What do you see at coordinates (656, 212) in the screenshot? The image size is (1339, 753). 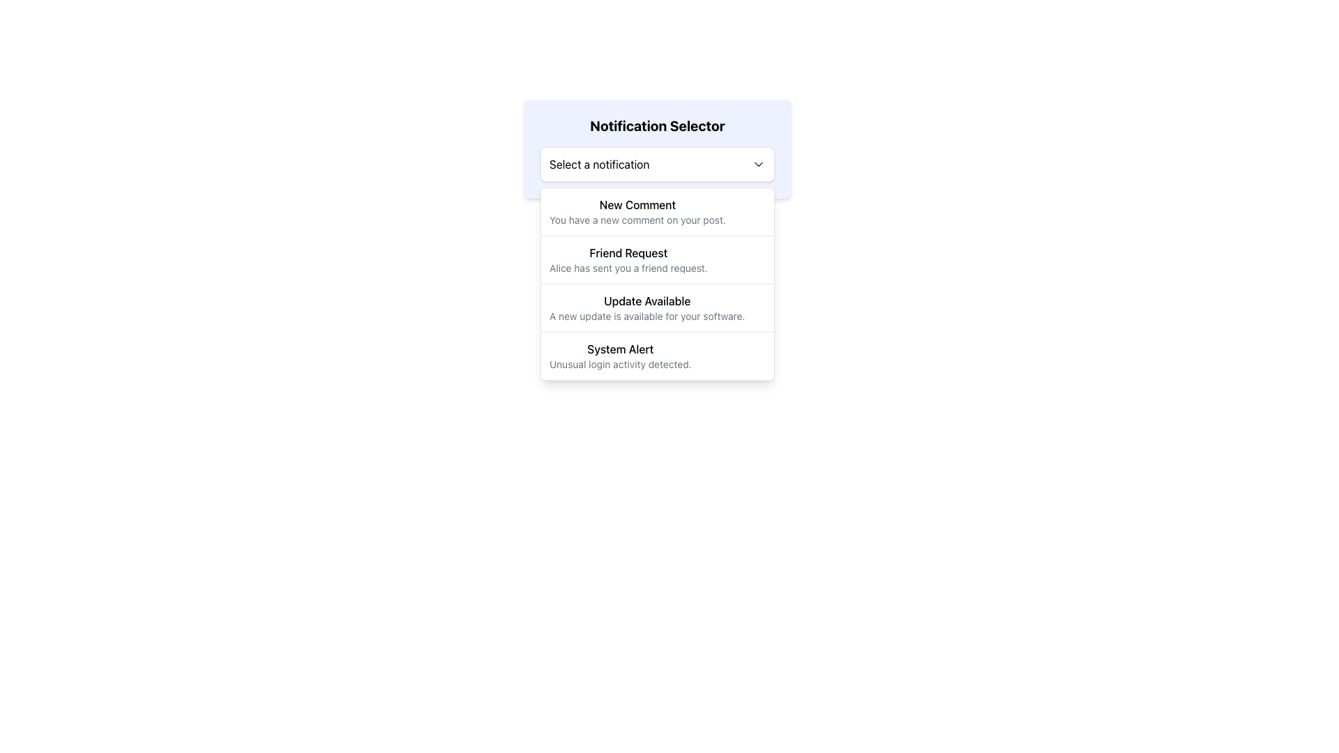 I see `the first list item in the notification list under 'Notification Selector' for keyboard navigation` at bounding box center [656, 212].